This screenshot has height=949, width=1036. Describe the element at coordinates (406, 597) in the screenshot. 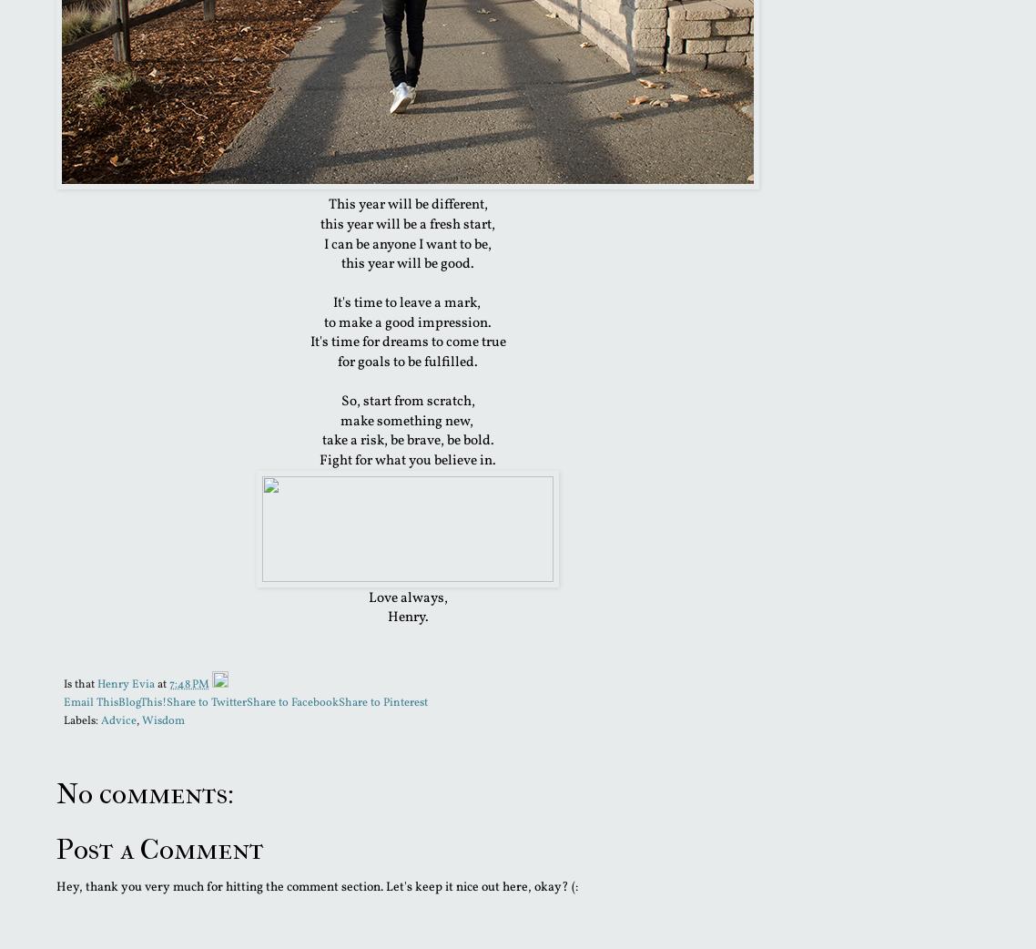

I see `'Love always,'` at that location.